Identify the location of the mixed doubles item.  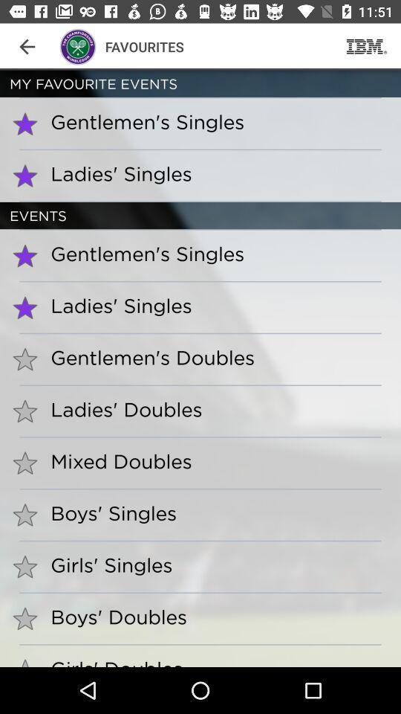
(115, 460).